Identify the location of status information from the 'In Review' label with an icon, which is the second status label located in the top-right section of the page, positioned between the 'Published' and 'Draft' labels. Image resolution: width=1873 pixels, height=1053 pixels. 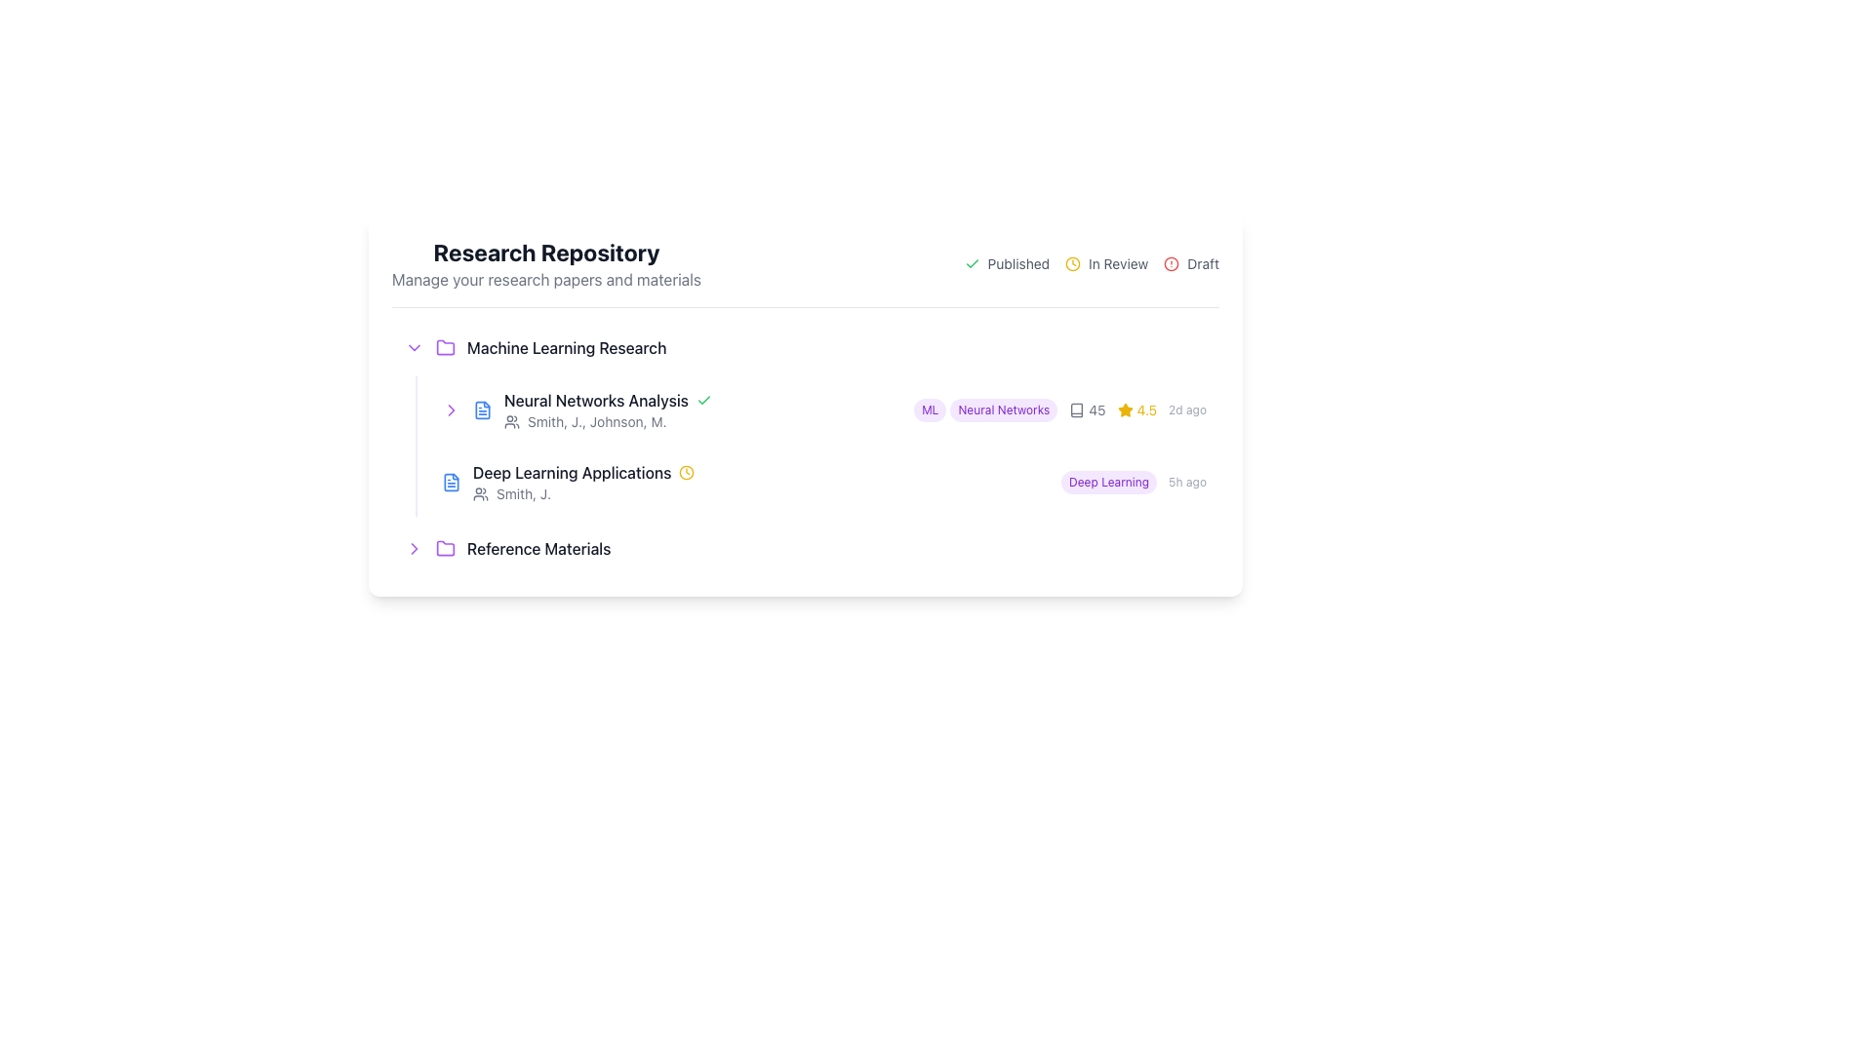
(1106, 263).